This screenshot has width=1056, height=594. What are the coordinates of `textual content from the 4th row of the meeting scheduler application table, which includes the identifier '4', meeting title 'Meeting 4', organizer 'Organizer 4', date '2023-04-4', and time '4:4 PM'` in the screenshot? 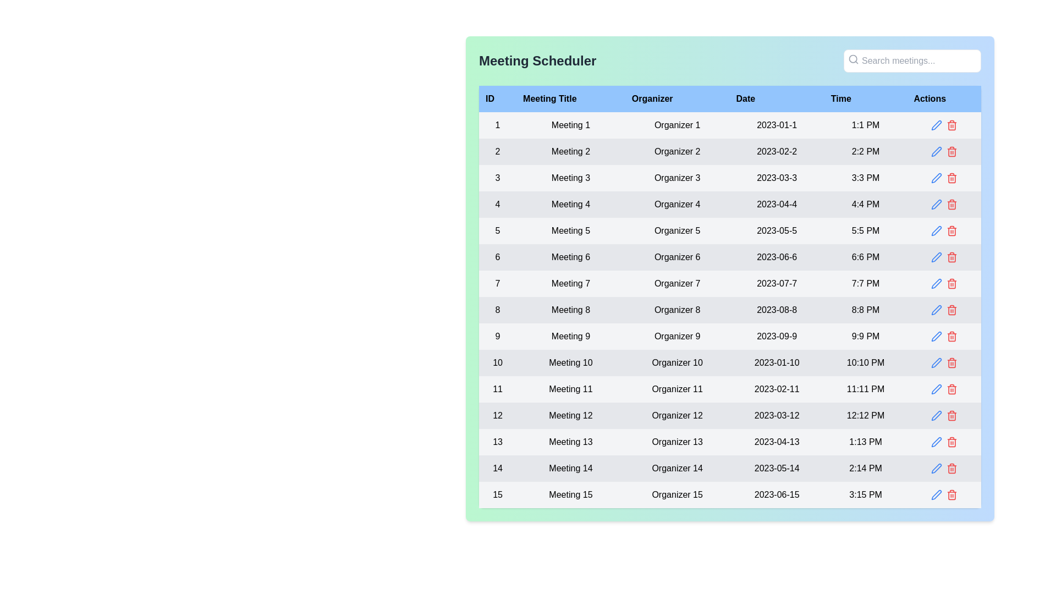 It's located at (730, 204).